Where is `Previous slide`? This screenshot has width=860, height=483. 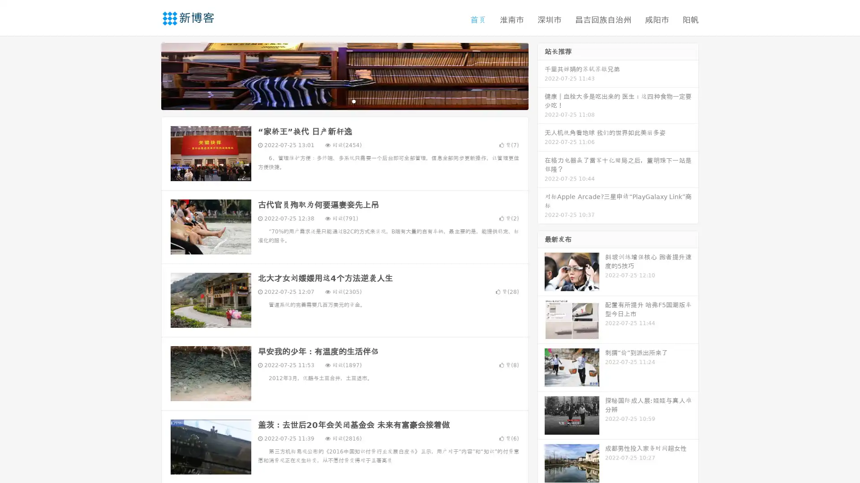 Previous slide is located at coordinates (148, 75).